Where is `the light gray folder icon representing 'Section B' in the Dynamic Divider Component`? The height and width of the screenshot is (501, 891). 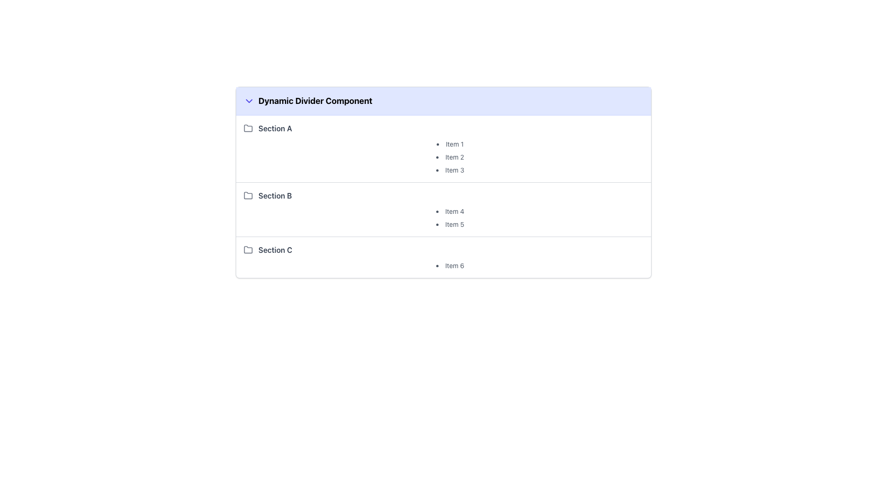
the light gray folder icon representing 'Section B' in the Dynamic Divider Component is located at coordinates (248, 194).